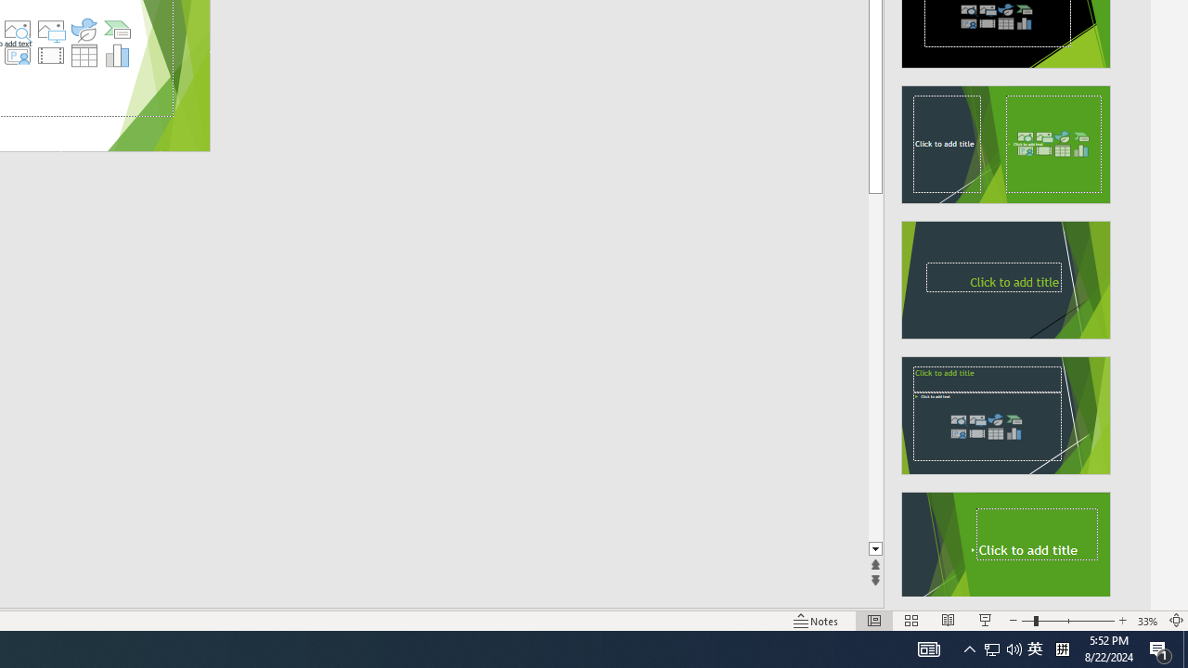  I want to click on 'Insert Cameo', so click(17, 55).